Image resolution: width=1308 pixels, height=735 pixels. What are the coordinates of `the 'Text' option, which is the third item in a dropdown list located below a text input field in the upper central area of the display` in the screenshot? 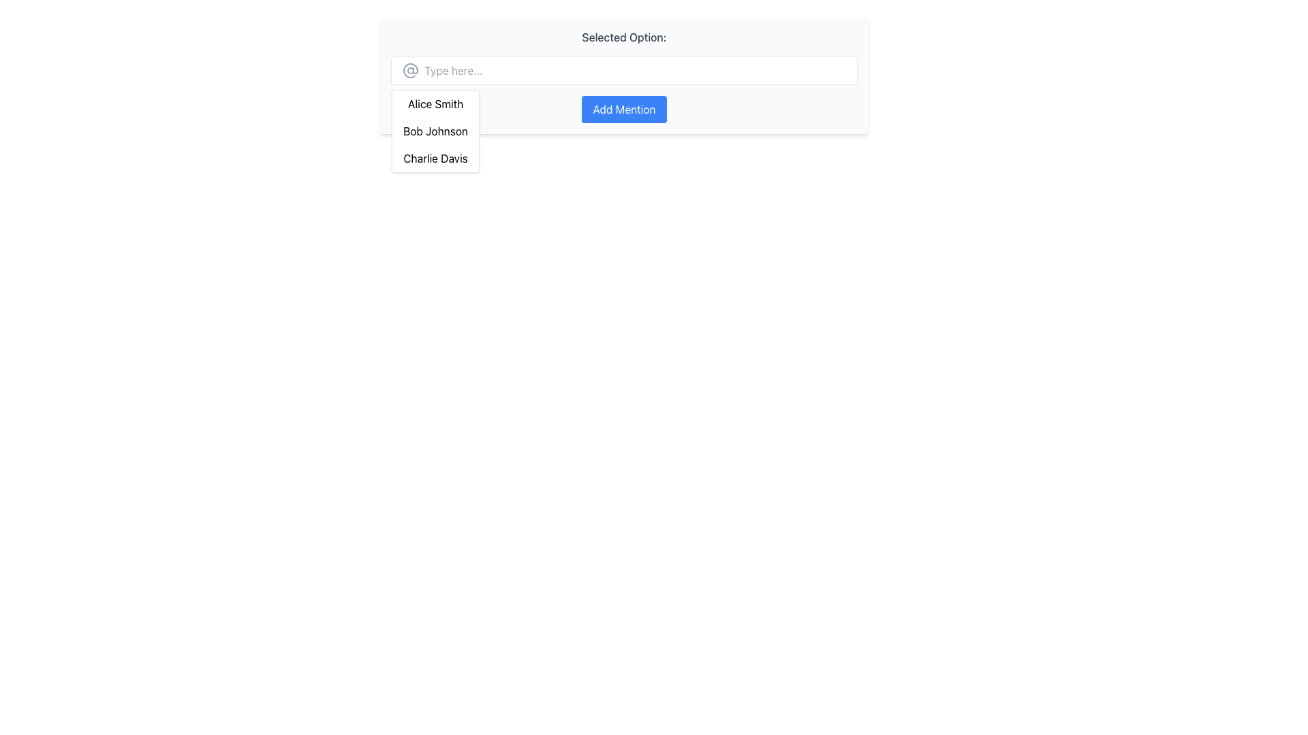 It's located at (435, 157).